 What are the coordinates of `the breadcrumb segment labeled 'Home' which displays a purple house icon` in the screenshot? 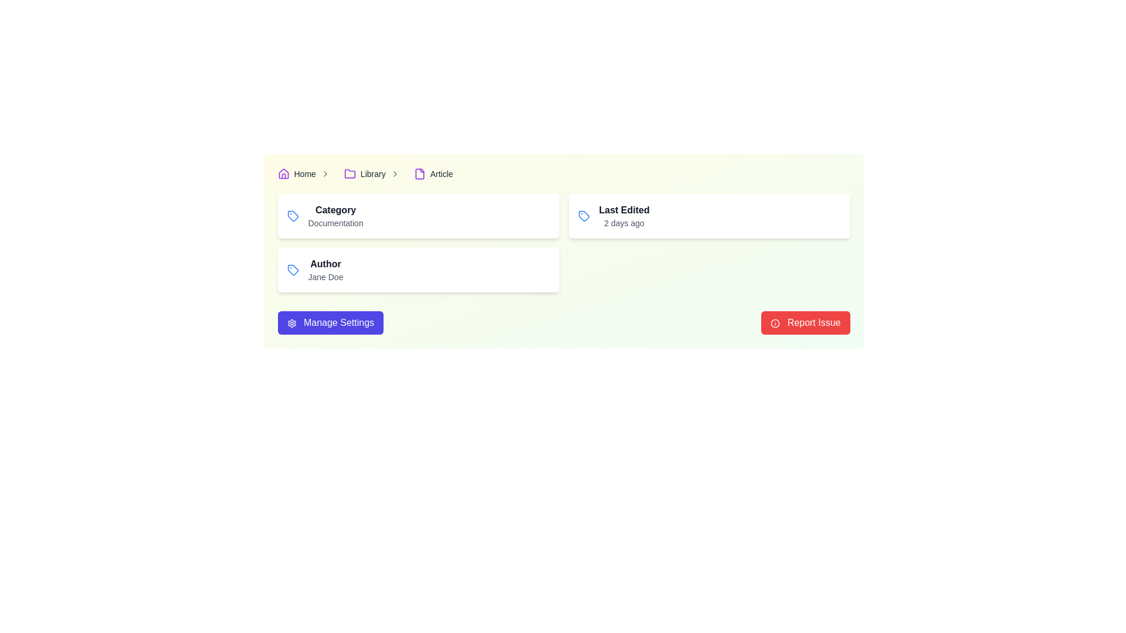 It's located at (306, 174).